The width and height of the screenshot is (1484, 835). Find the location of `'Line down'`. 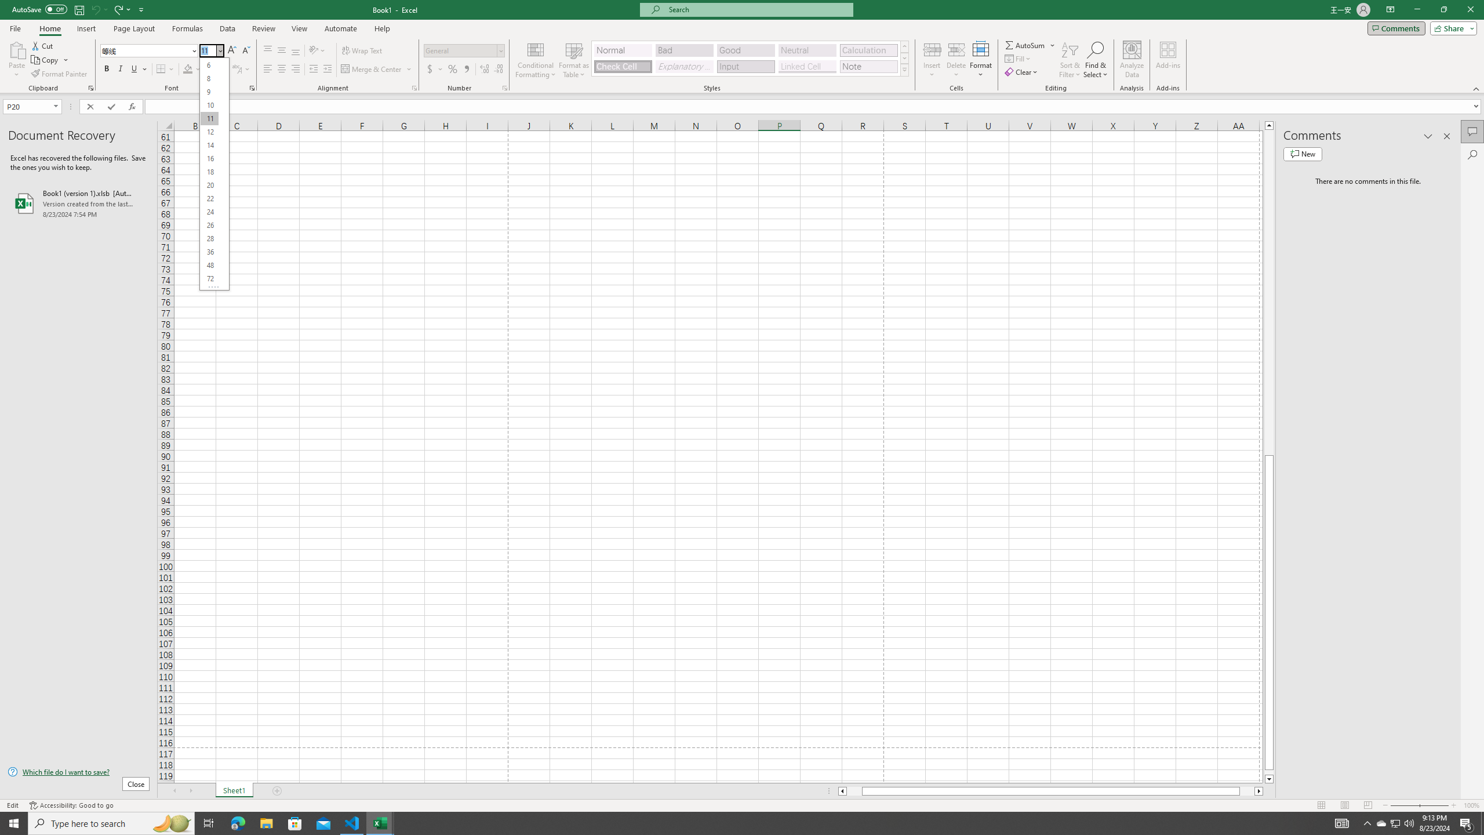

'Line down' is located at coordinates (1269, 779).